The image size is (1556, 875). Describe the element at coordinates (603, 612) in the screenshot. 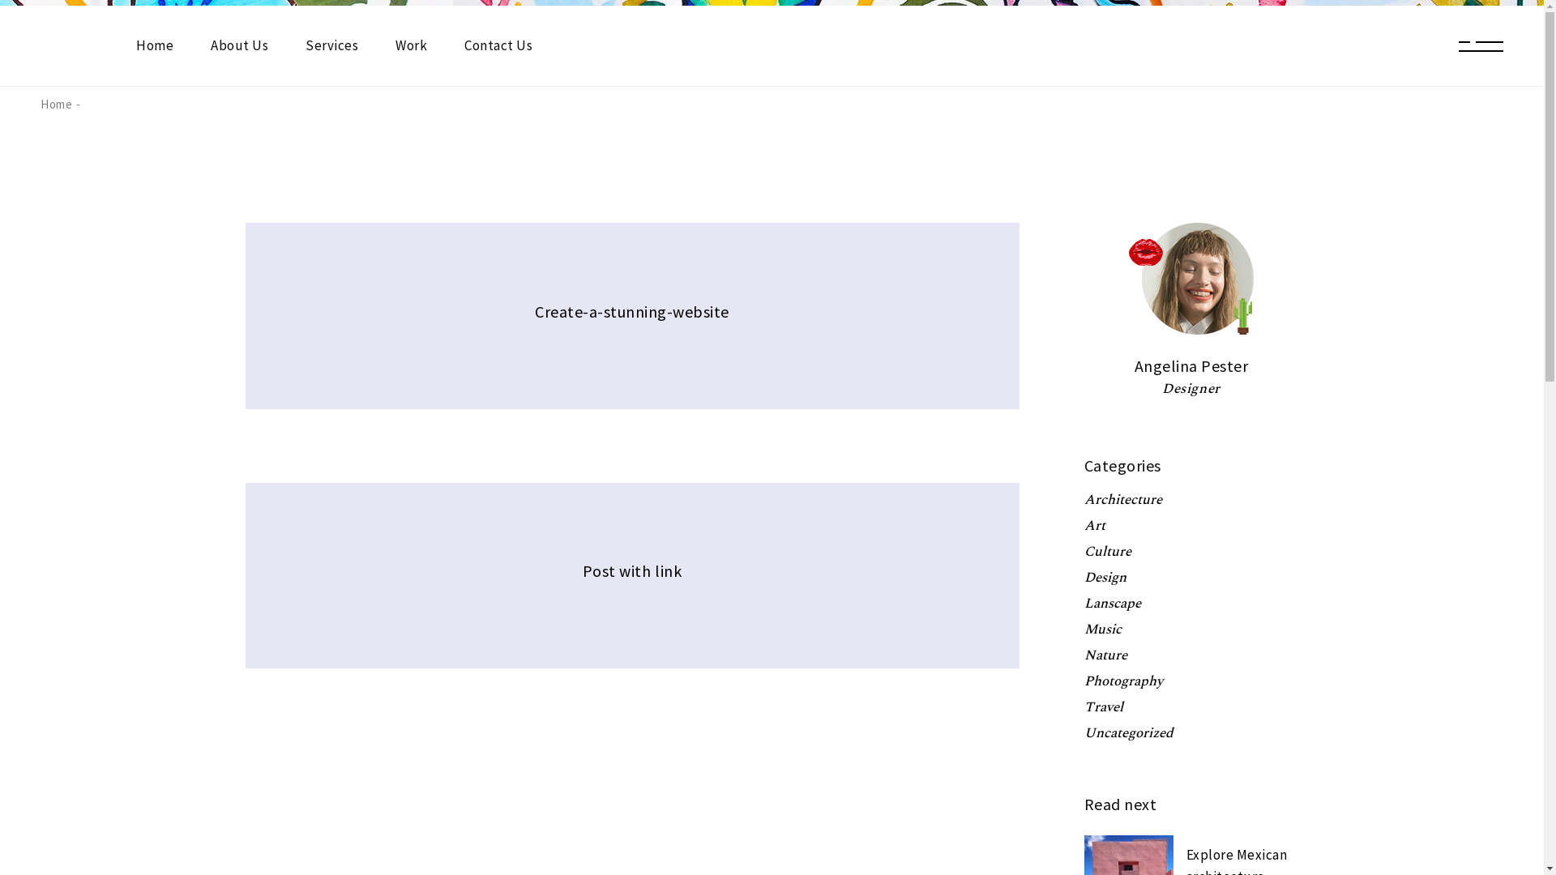

I see `'Contact Us'` at that location.